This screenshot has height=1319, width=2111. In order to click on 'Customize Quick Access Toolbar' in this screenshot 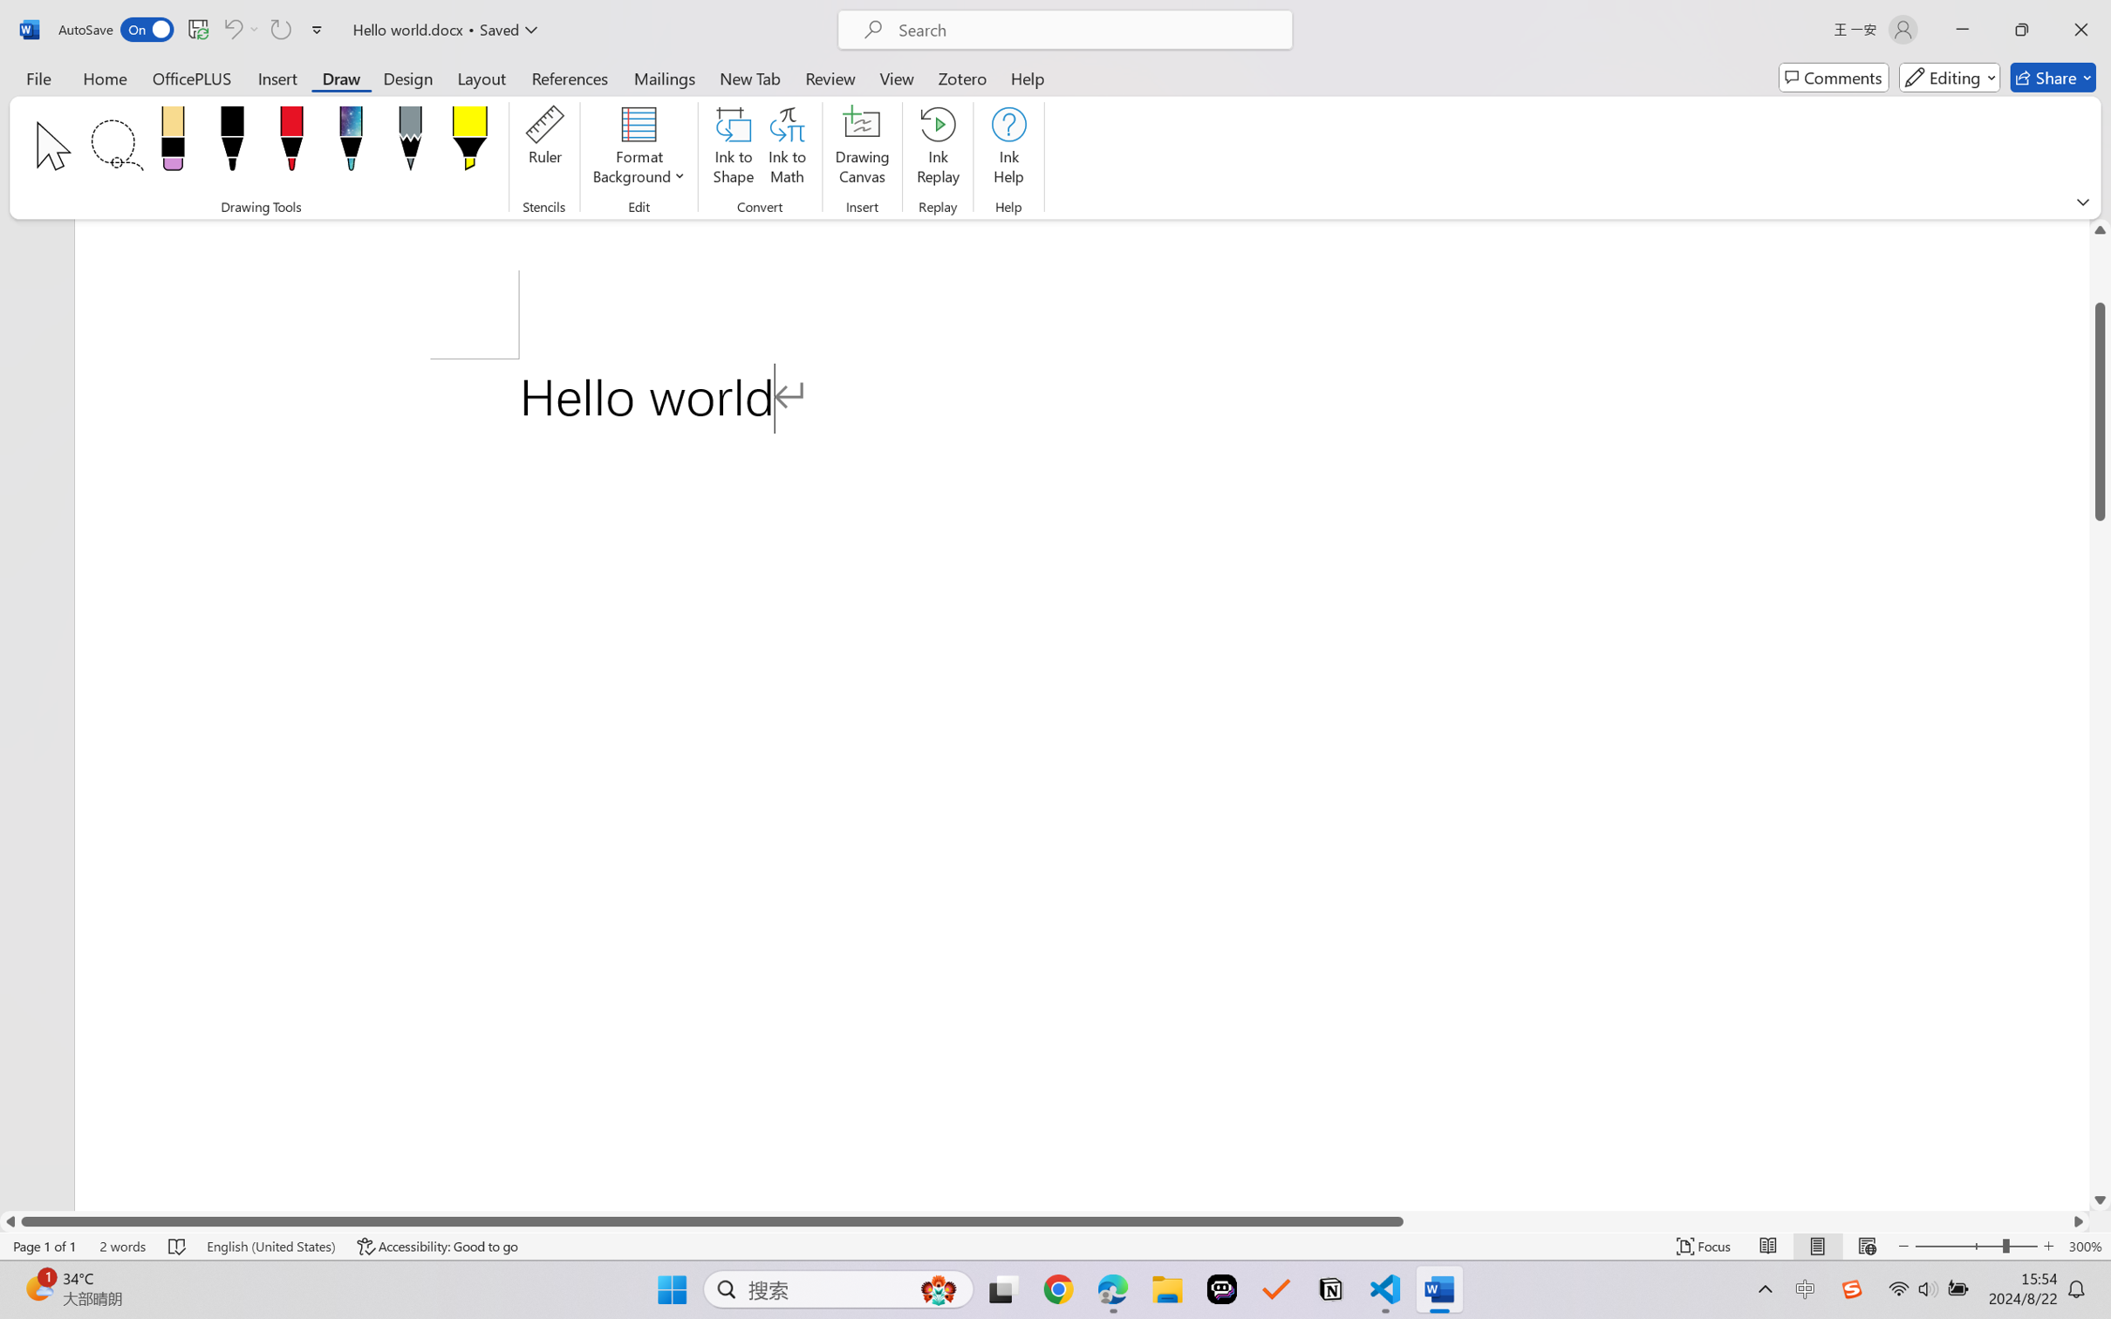, I will do `click(317, 29)`.